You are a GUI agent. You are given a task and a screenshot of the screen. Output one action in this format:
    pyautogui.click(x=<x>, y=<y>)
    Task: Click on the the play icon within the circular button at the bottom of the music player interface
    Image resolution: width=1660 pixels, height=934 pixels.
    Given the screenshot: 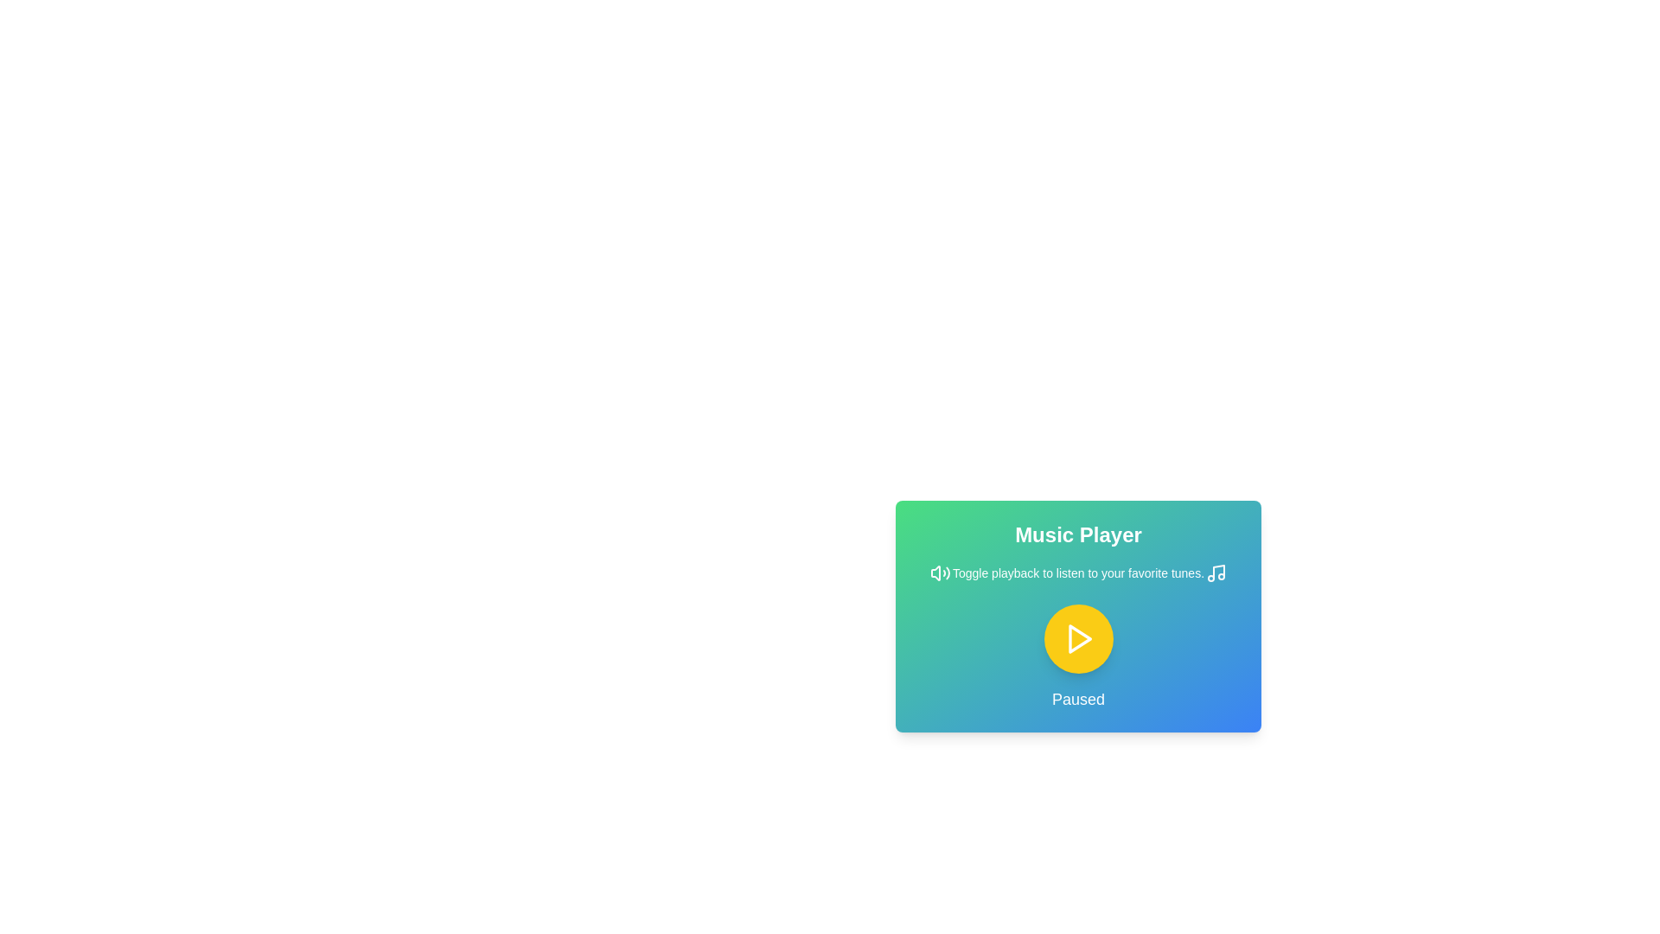 What is the action you would take?
    pyautogui.click(x=1079, y=639)
    